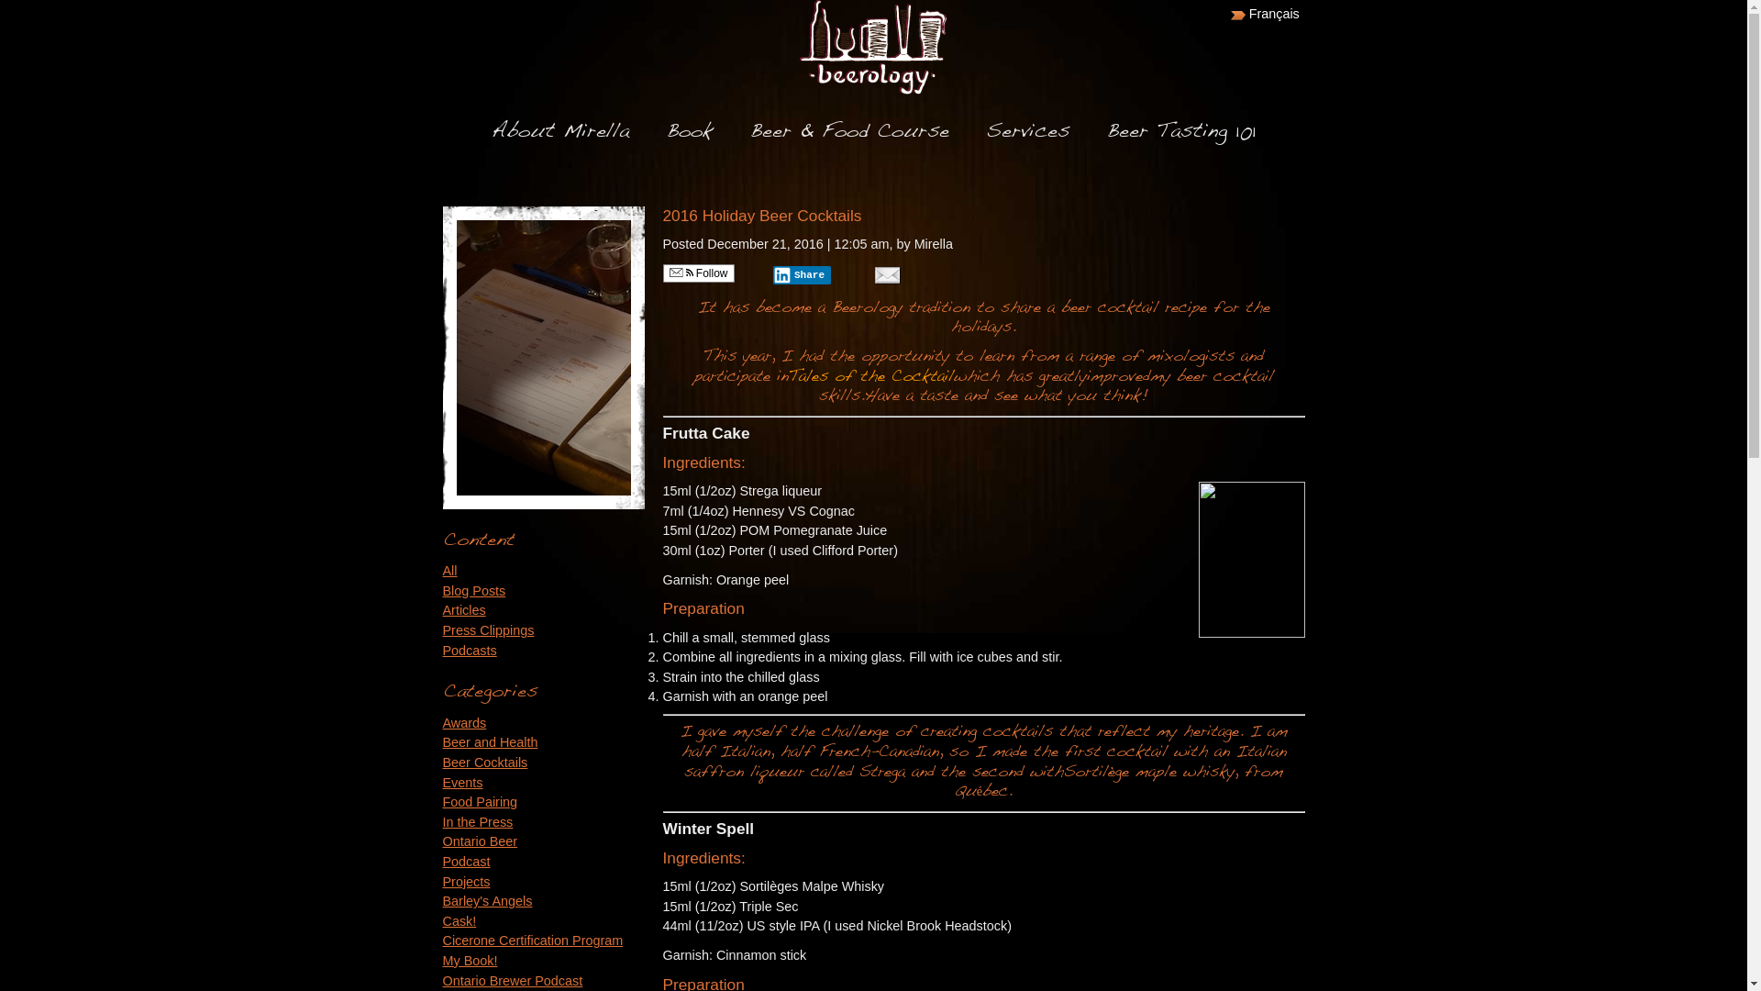 The image size is (1761, 991). What do you see at coordinates (531, 941) in the screenshot?
I see `'Cicerone Certification Program'` at bounding box center [531, 941].